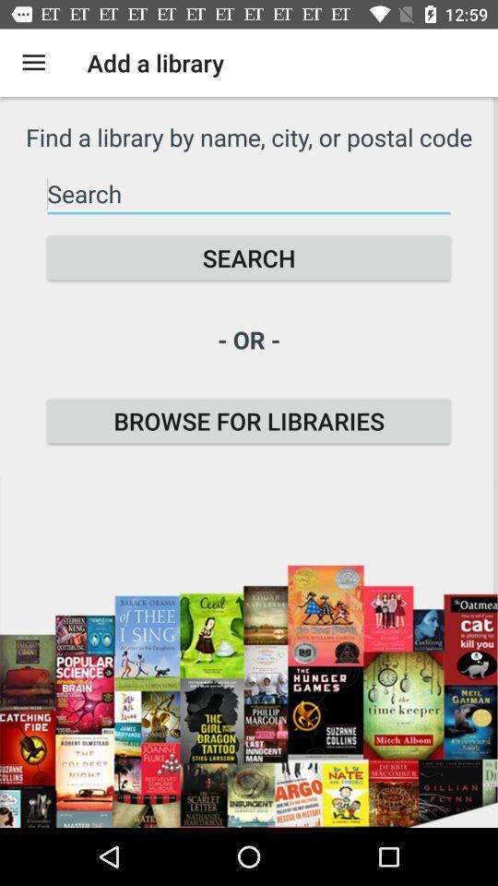  Describe the element at coordinates (249, 194) in the screenshot. I see `search option` at that location.